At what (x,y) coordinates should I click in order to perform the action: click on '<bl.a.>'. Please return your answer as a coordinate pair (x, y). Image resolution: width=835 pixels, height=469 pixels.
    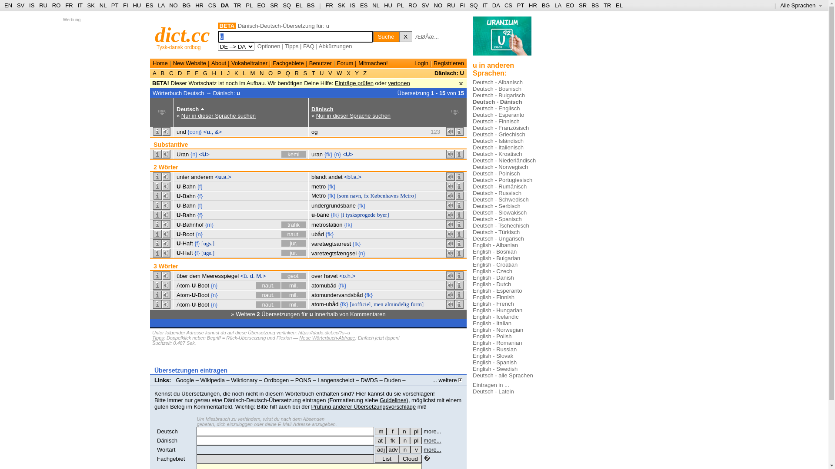
    Looking at the image, I should click on (353, 176).